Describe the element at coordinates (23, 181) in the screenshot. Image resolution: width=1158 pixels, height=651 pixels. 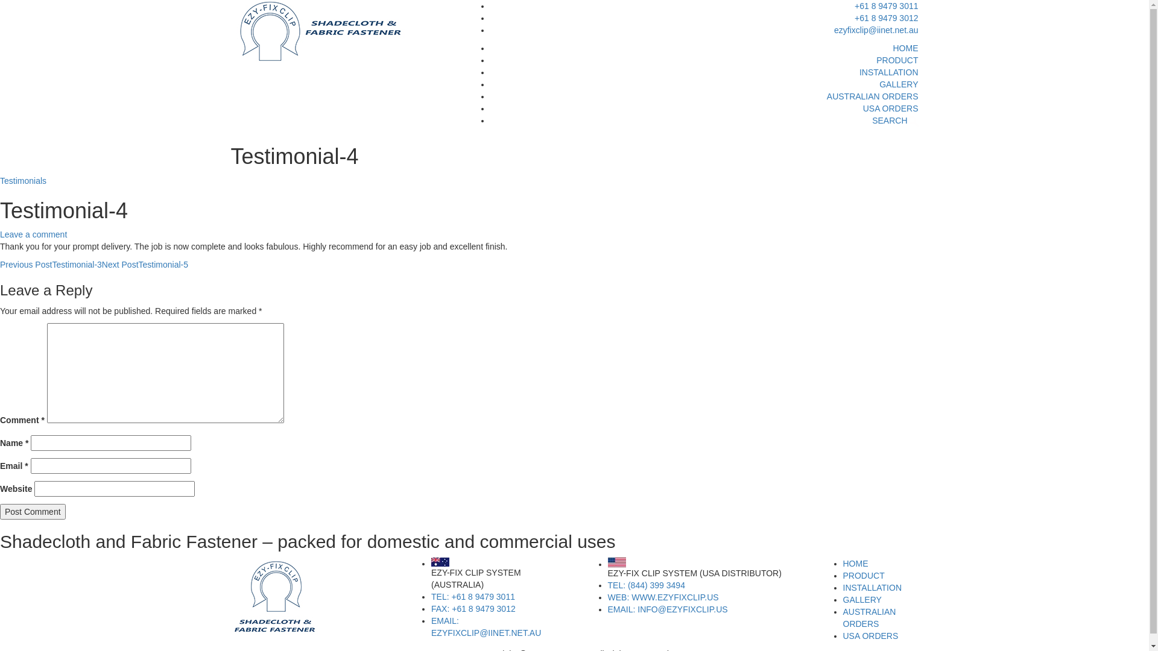
I see `'Testimonials'` at that location.